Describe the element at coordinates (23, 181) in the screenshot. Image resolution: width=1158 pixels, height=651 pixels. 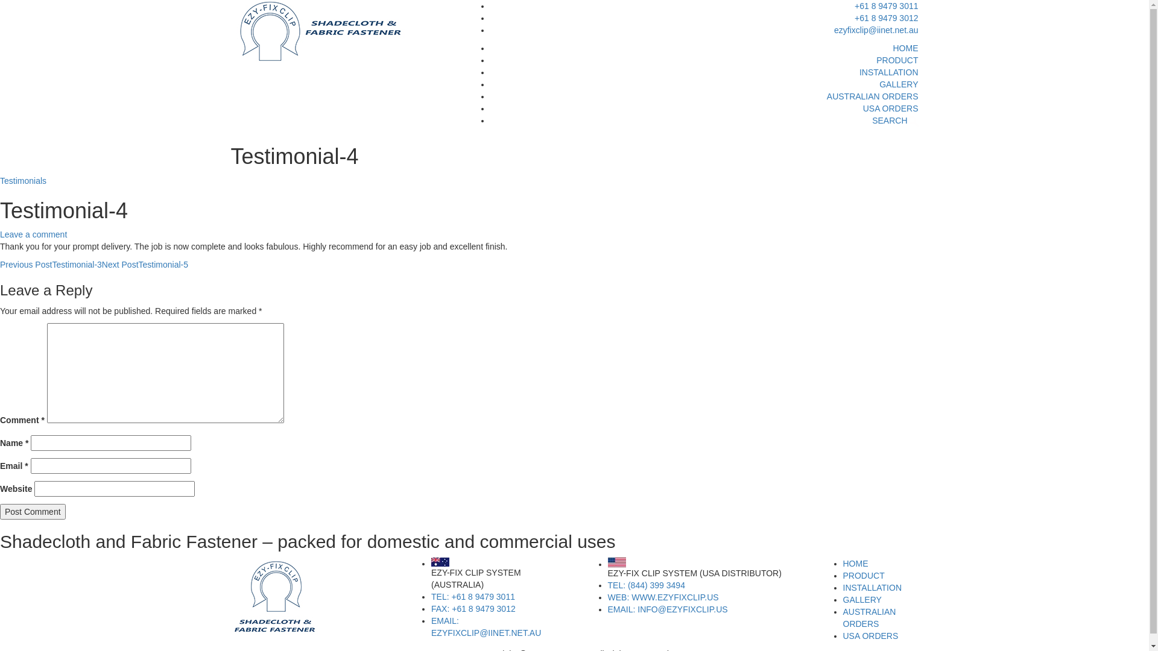
I see `'Testimonials'` at that location.